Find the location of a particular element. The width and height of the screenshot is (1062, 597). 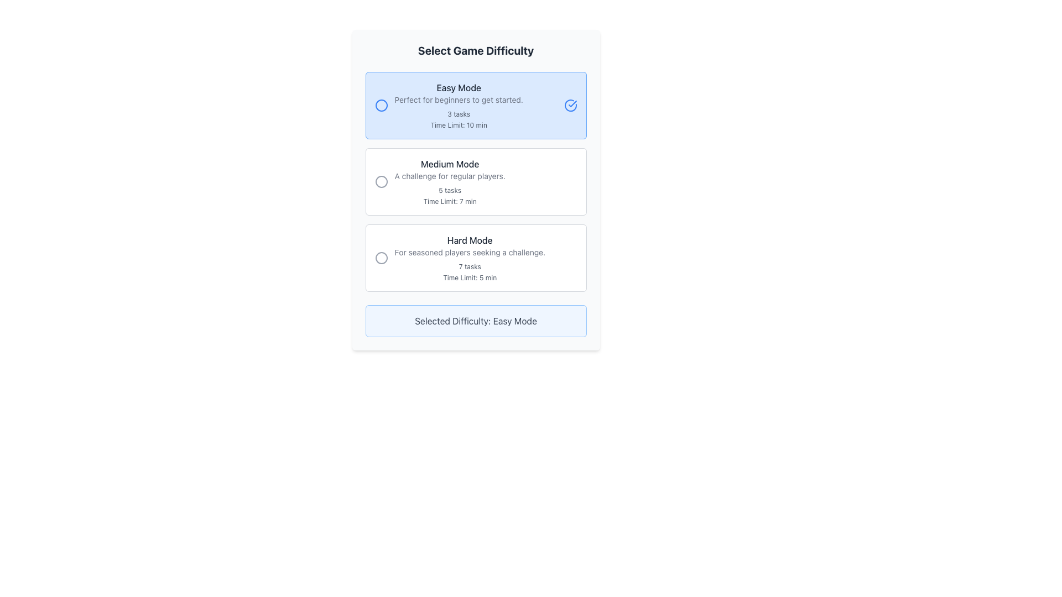

the text label that informs about the time limit for 'Medium Mode' game difficulty, located underneath the '5 tasks' line in the game difficulty selection menu is located at coordinates (450, 202).